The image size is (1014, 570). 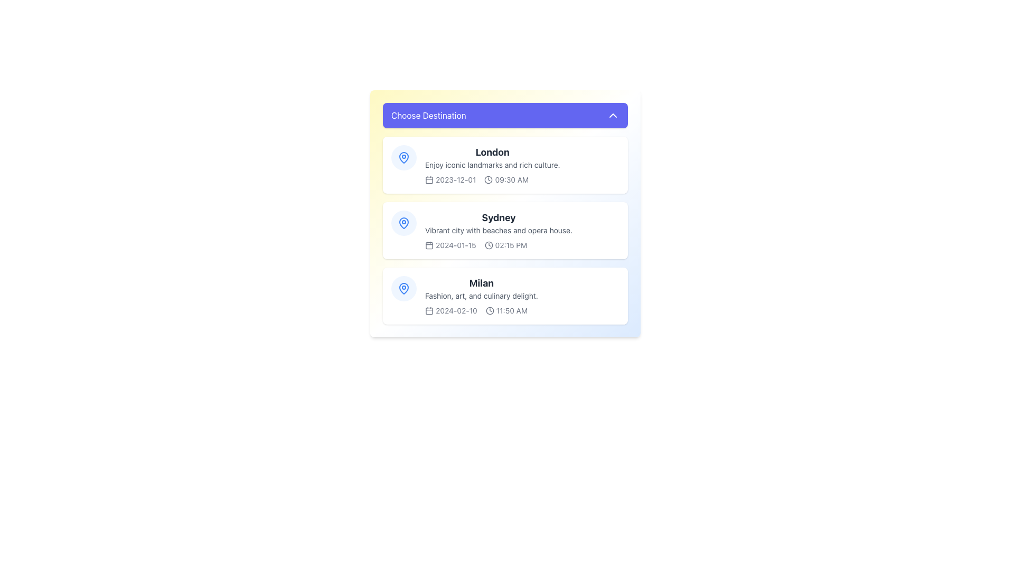 What do you see at coordinates (403, 223) in the screenshot?
I see `the circular blue icon button with a map pin icon located to the left of the 'Sydney' text in the destination card` at bounding box center [403, 223].